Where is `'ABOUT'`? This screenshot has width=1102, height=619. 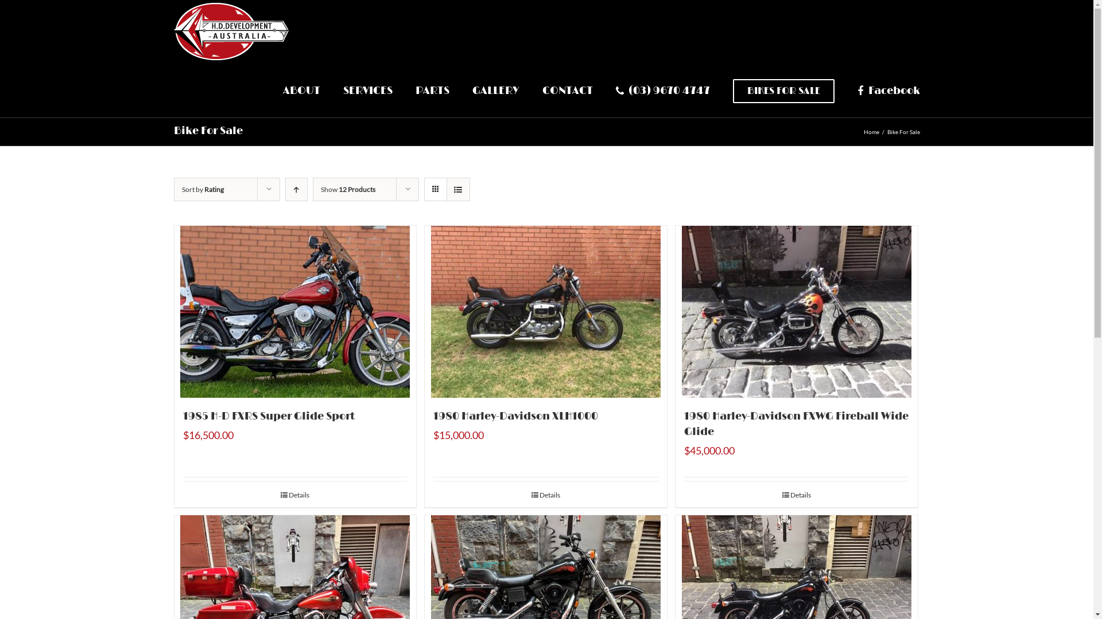
'ABOUT' is located at coordinates (283, 89).